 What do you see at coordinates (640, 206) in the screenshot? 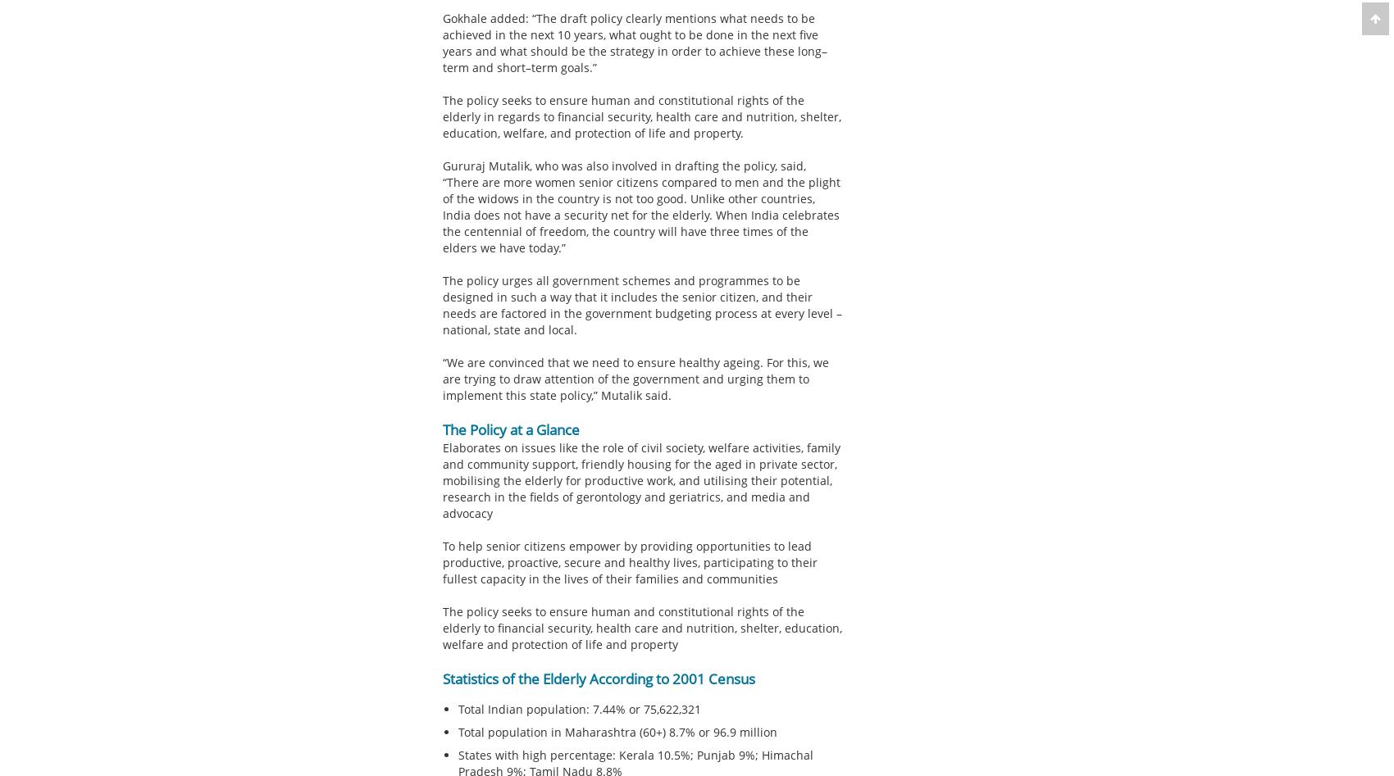
I see `'Gururaj Mutalik, who was also involved in drafting the policy, said, “There are more women senior citizens compared to men and the plight of the widows in the country is not too good. Unlike other countries, India does not have a security net for the elderly. When India celebrates the centennial of freedom, the country will have three times of the elders we have today.”'` at bounding box center [640, 206].